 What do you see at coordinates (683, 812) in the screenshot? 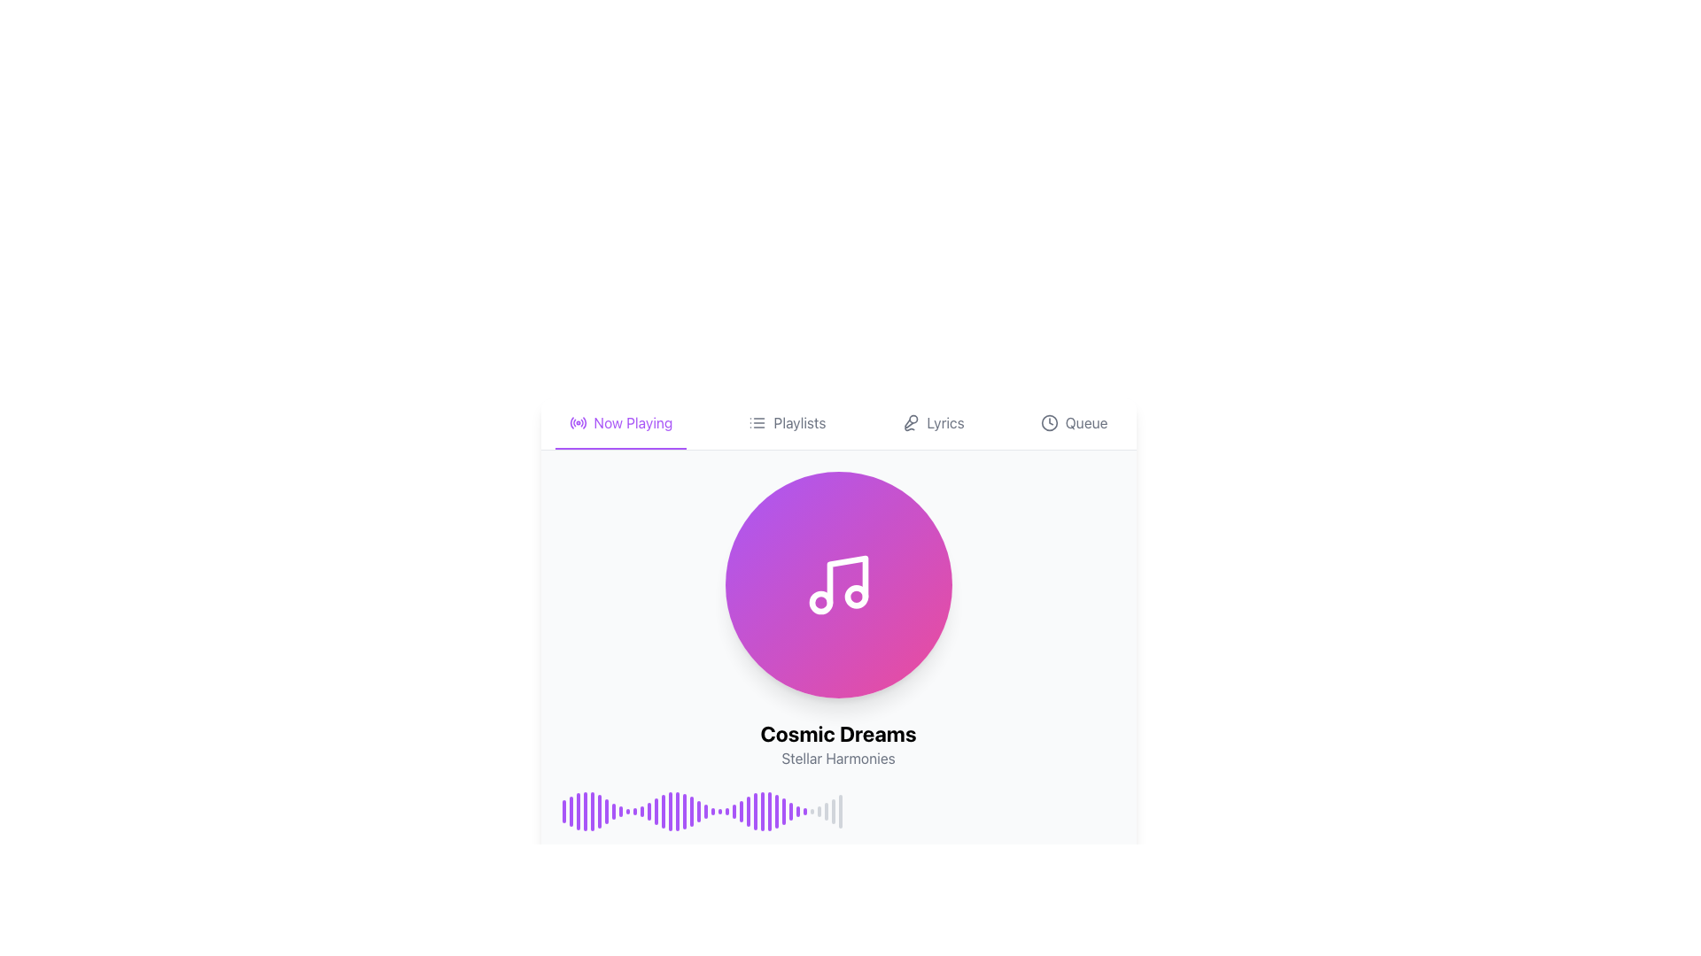
I see `the 18th vertically oriented waveform bar, which is a vibrant purple fill with rounded ends, located beneath the central bottom part of the circular music player interface` at bounding box center [683, 812].